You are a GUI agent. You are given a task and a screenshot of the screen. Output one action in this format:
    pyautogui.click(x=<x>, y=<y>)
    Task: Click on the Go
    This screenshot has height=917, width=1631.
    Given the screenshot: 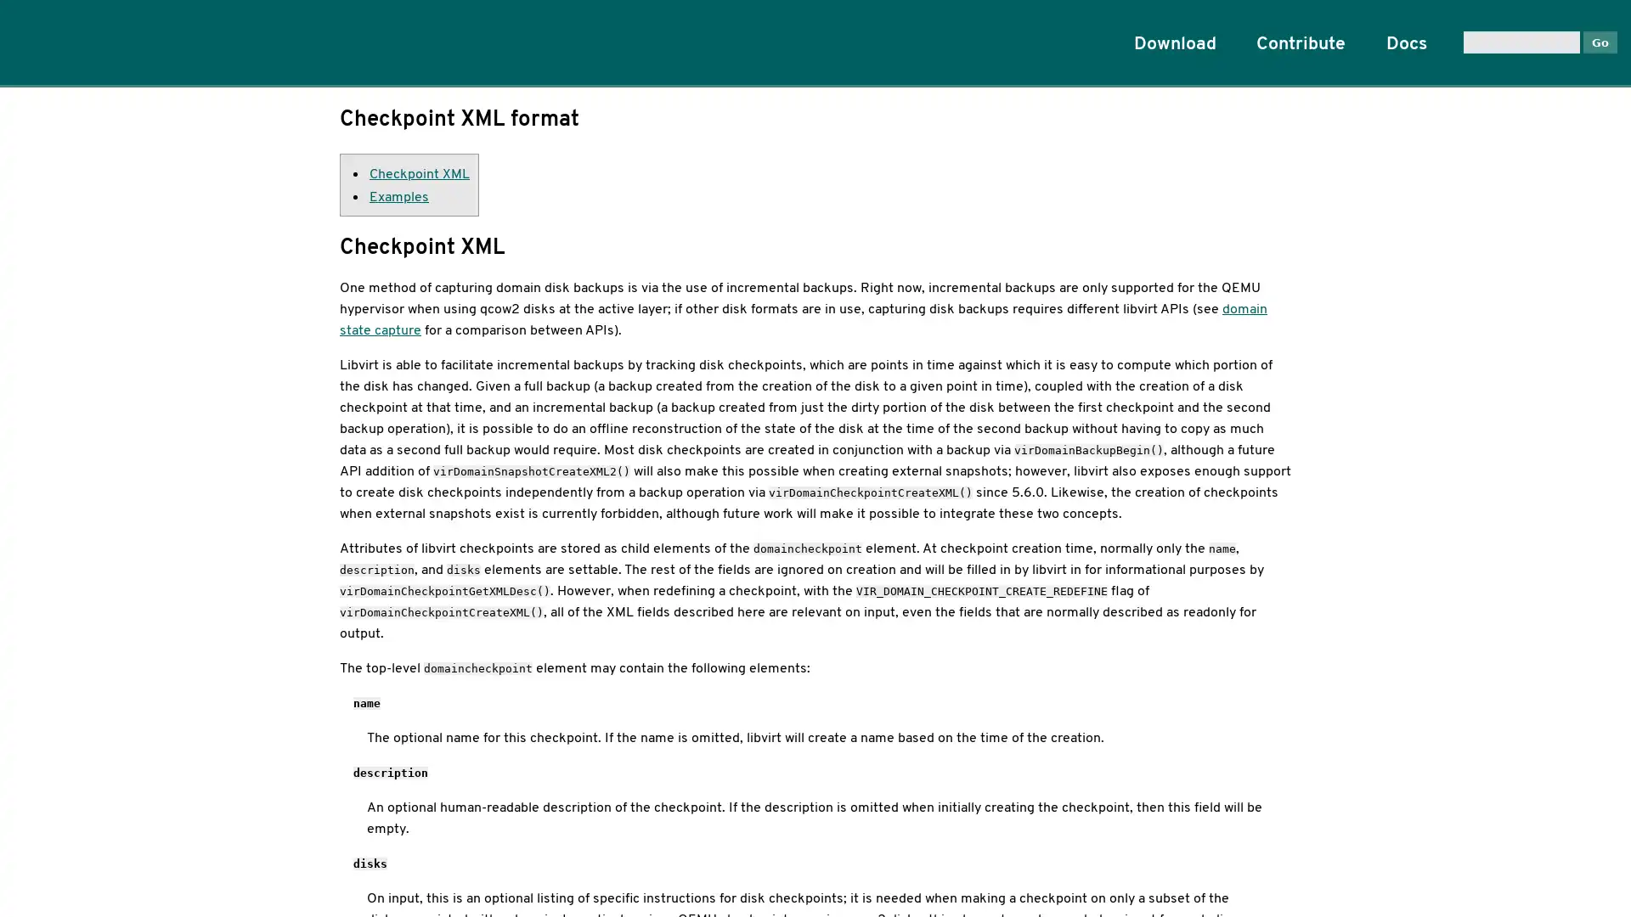 What is the action you would take?
    pyautogui.click(x=1599, y=41)
    